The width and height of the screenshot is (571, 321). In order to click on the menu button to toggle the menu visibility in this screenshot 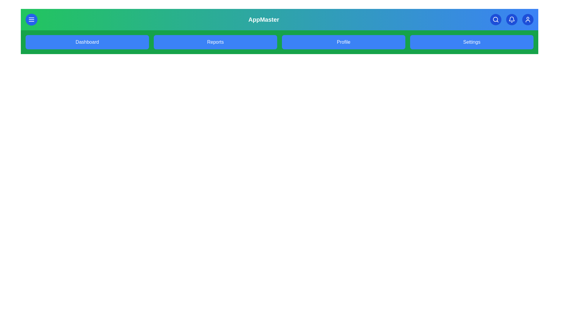, I will do `click(31, 19)`.